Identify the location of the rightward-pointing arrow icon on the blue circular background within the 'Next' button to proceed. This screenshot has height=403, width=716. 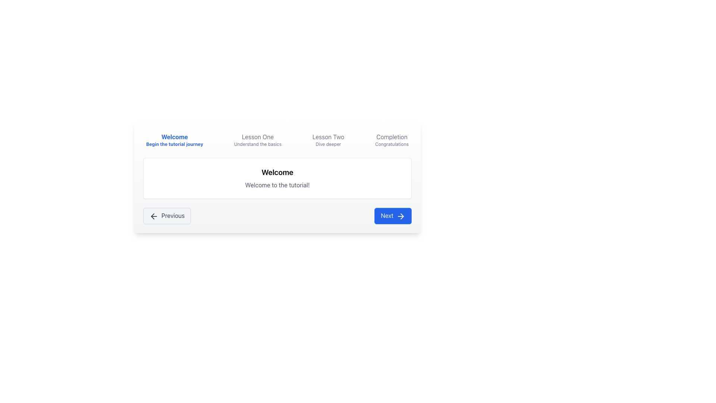
(401, 216).